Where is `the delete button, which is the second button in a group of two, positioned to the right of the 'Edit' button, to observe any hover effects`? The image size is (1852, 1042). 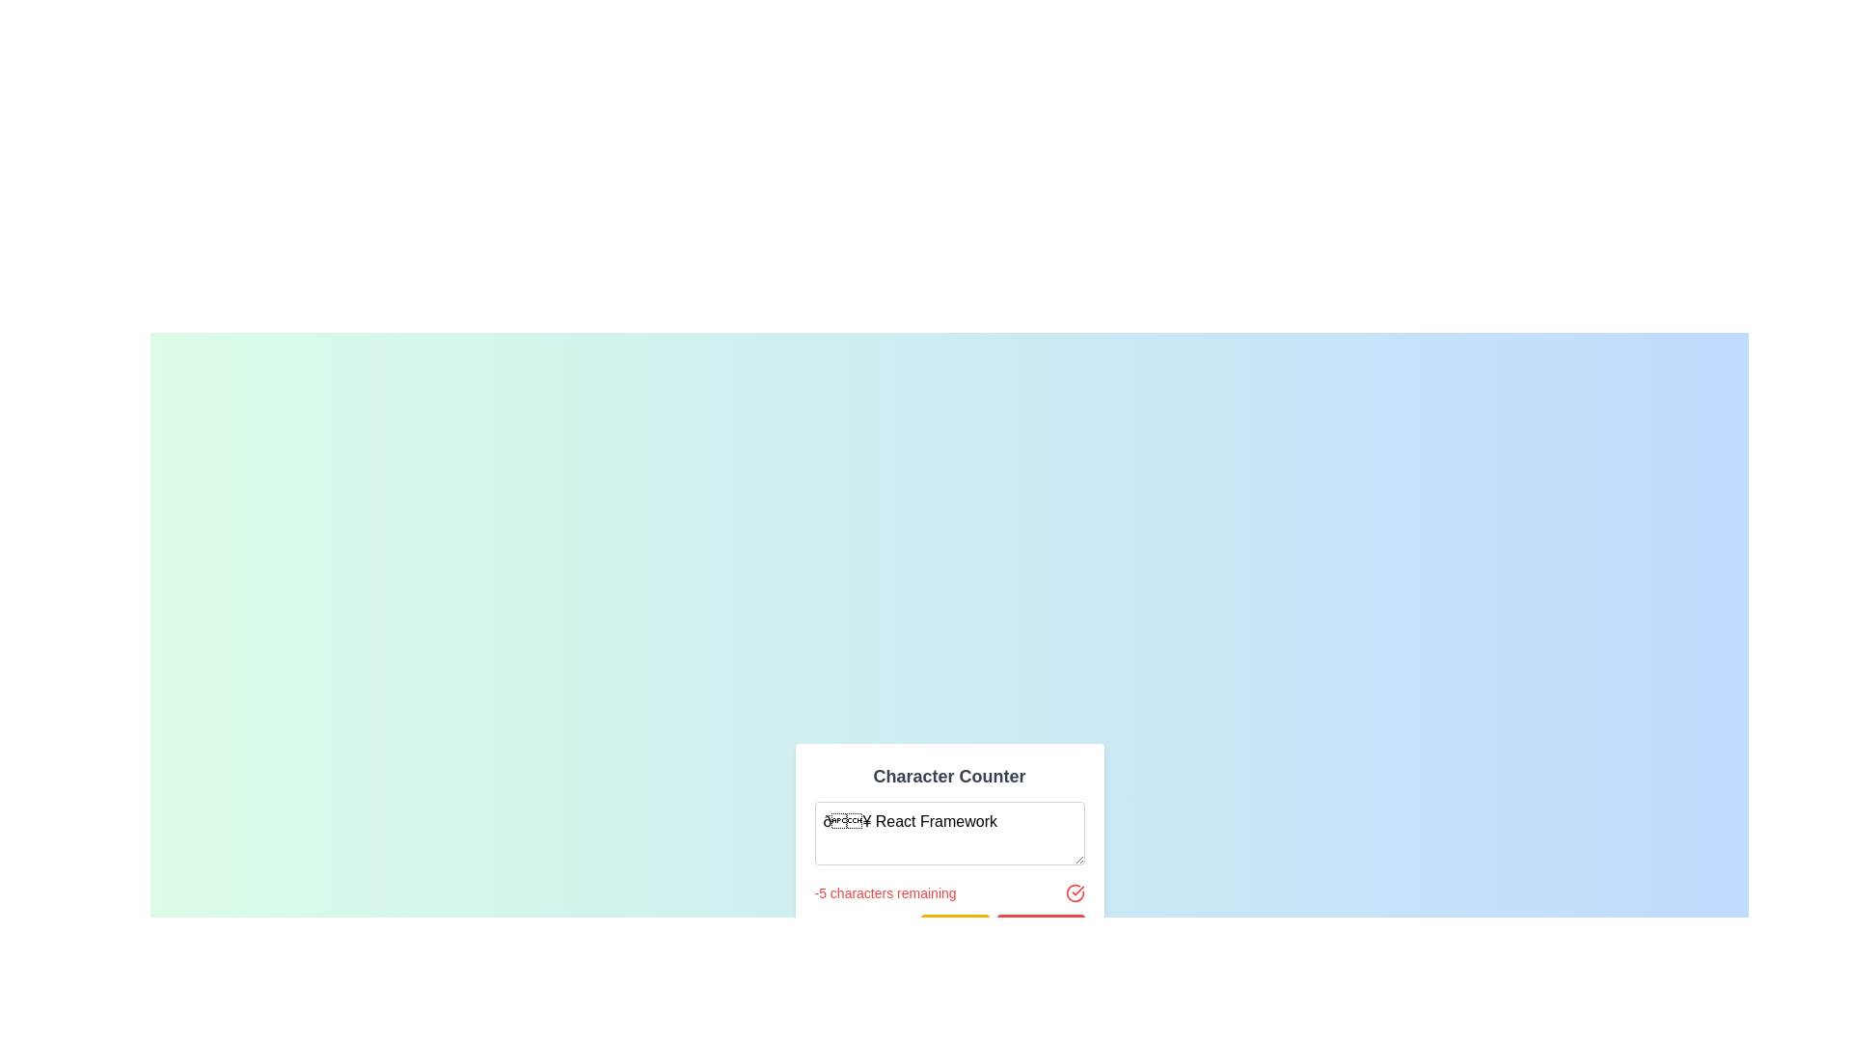 the delete button, which is the second button in a group of two, positioned to the right of the 'Edit' button, to observe any hover effects is located at coordinates (1040, 928).